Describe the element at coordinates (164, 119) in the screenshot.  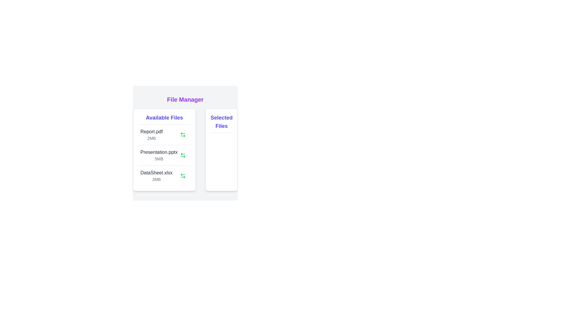
I see `the text header UI element that indicates 'Available Files'` at that location.